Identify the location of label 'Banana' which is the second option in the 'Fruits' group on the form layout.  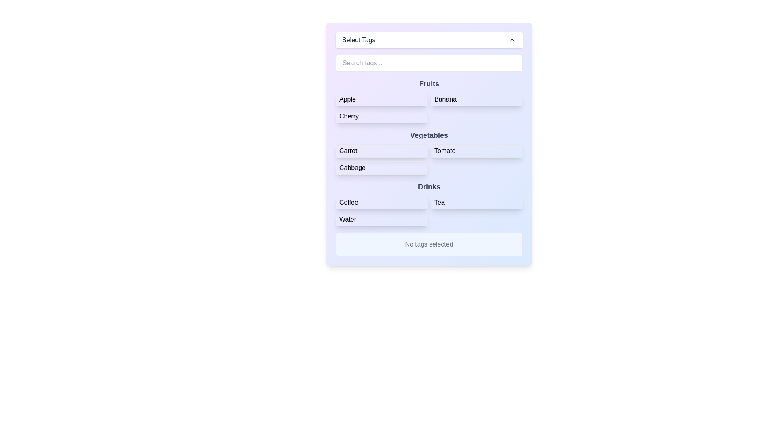
(445, 99).